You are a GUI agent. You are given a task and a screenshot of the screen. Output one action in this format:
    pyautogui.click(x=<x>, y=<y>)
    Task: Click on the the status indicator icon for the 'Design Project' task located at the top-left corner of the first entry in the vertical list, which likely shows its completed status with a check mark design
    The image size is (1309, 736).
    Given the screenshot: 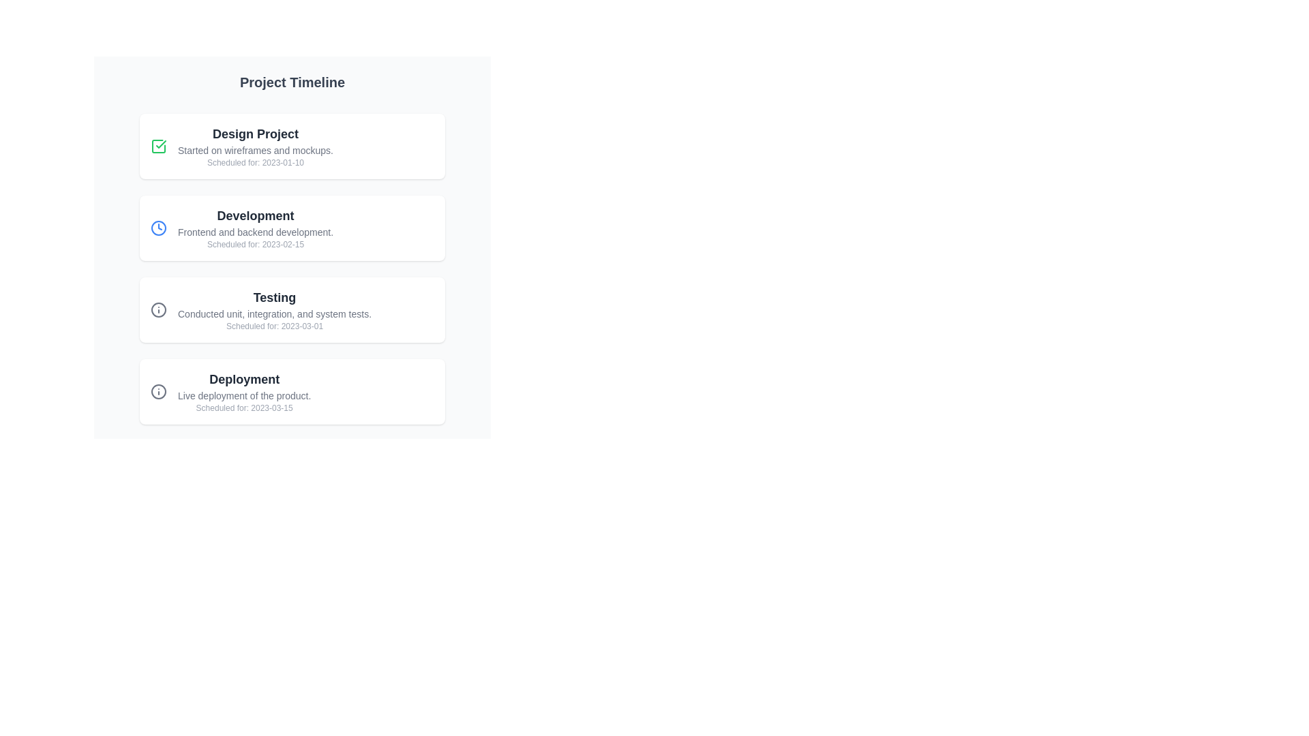 What is the action you would take?
    pyautogui.click(x=159, y=147)
    